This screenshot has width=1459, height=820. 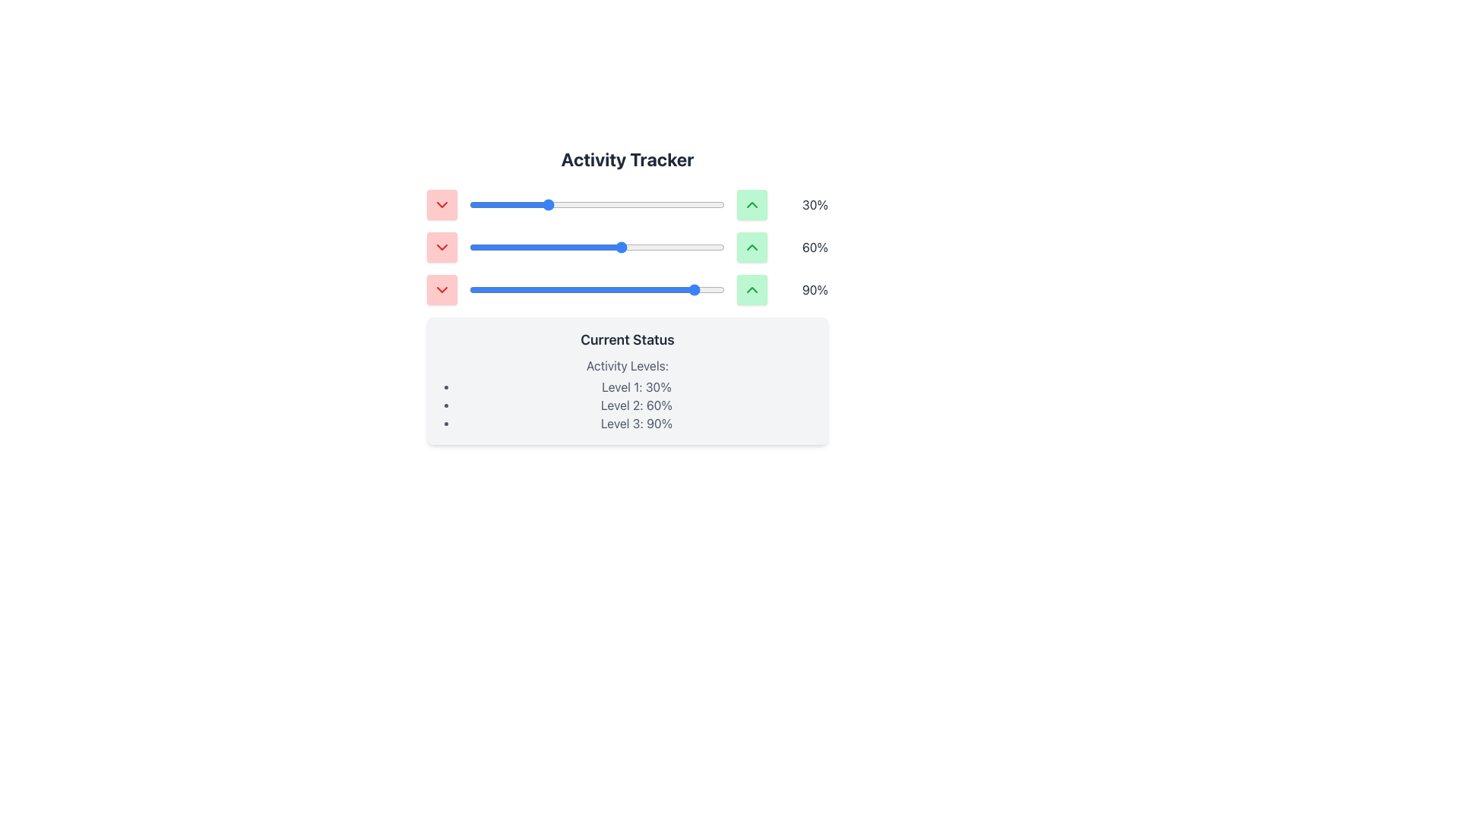 What do you see at coordinates (719, 247) in the screenshot?
I see `the slider value` at bounding box center [719, 247].